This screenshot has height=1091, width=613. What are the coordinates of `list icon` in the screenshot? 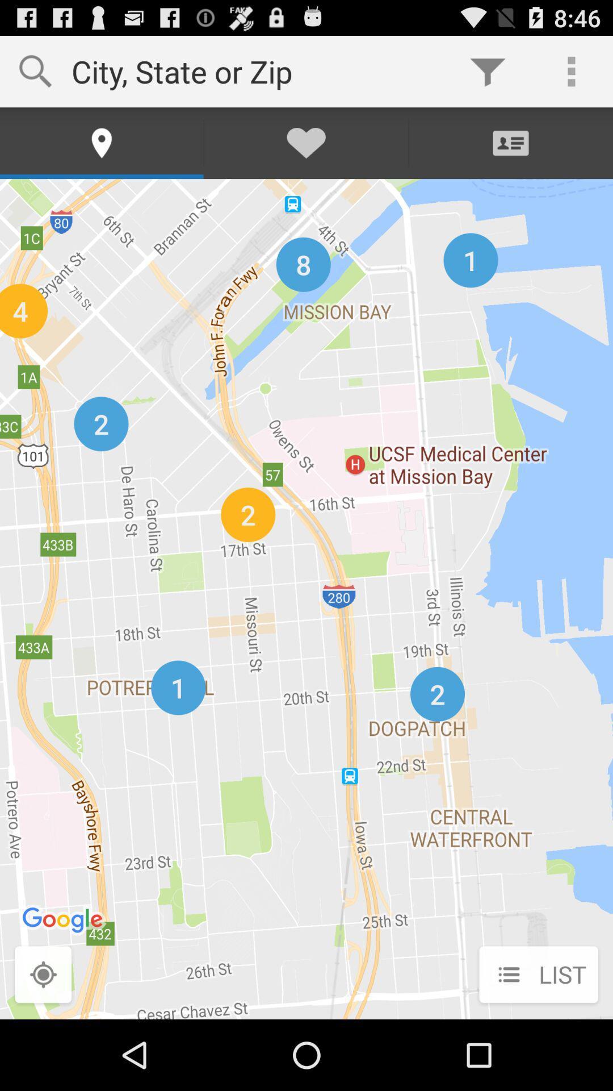 It's located at (538, 975).